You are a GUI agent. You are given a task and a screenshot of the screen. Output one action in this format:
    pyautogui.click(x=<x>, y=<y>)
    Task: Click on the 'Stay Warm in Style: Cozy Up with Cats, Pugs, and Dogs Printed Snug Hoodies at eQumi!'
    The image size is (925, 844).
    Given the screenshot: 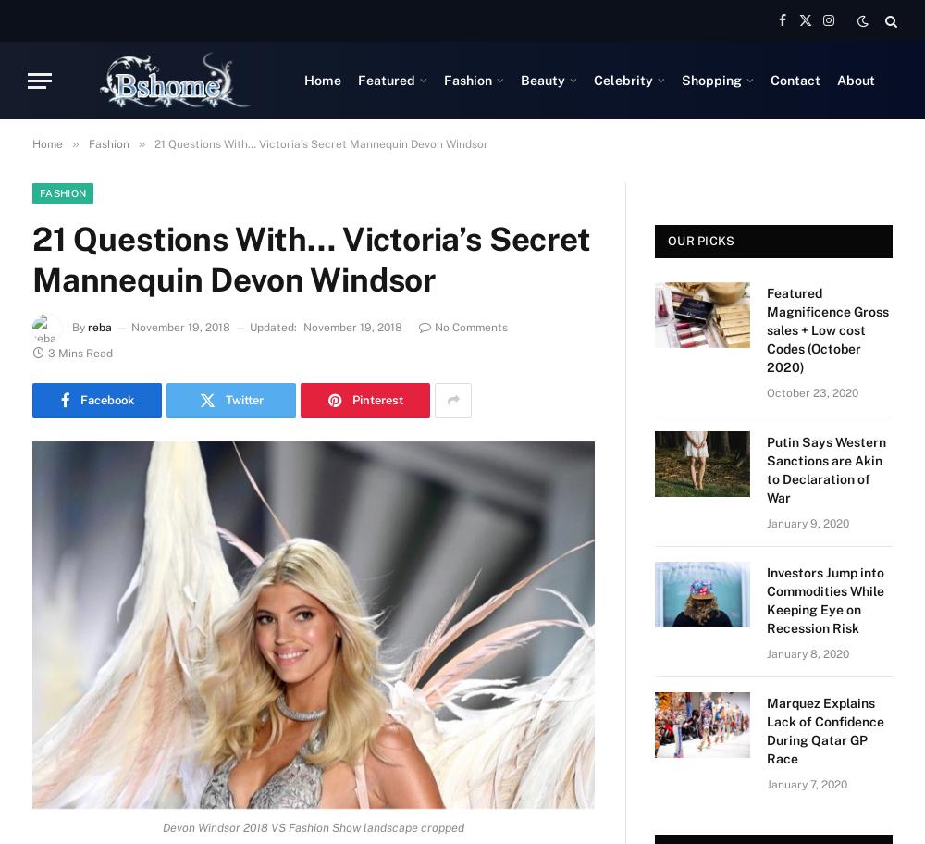 What is the action you would take?
    pyautogui.click(x=207, y=296)
    